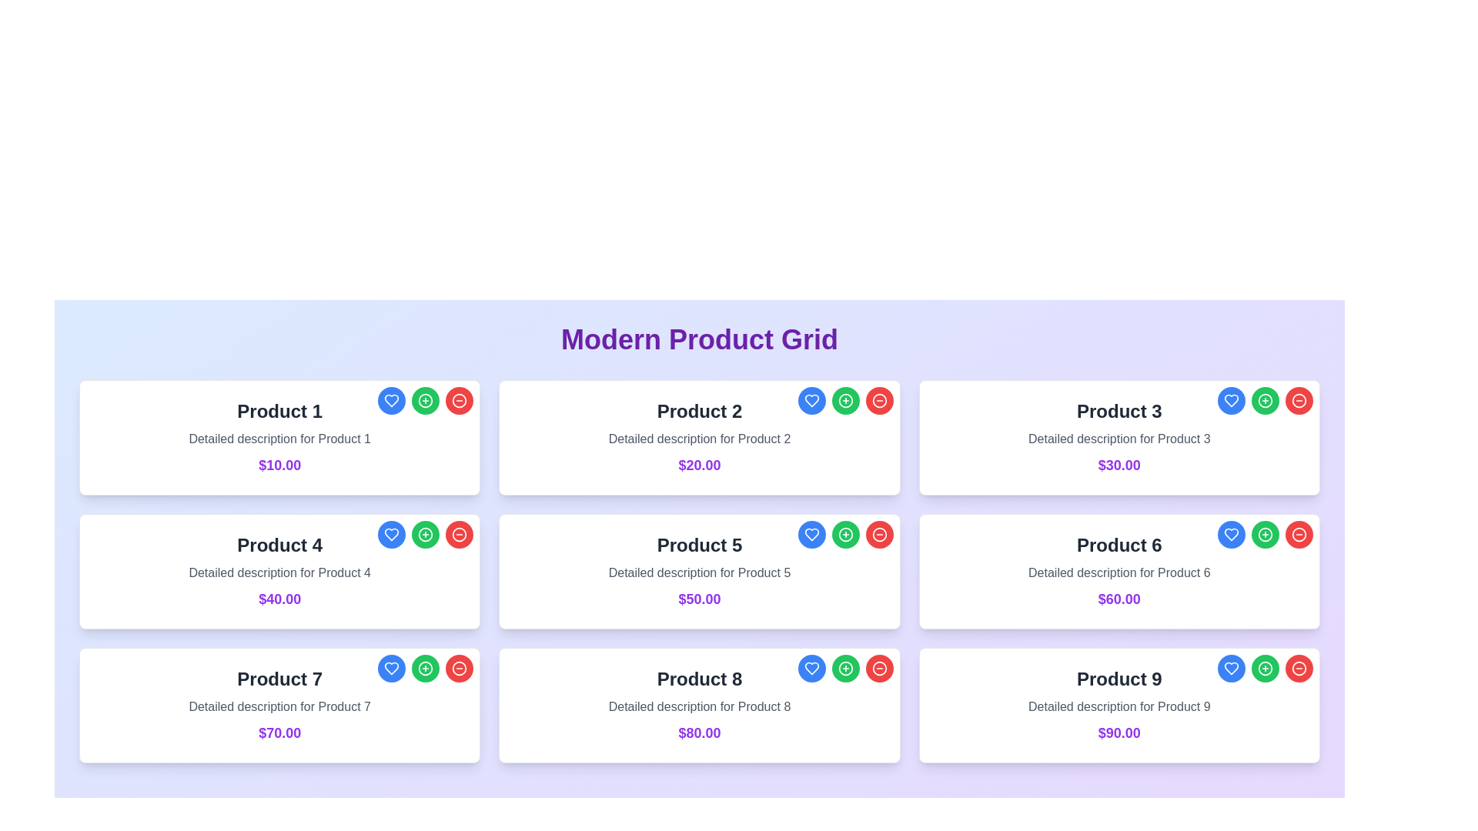  Describe the element at coordinates (1265, 533) in the screenshot. I see `the green circular icon with a plus symbol in the center, located on the right side of the second card in the bottom row of the grid, below 'Product 6'` at that location.